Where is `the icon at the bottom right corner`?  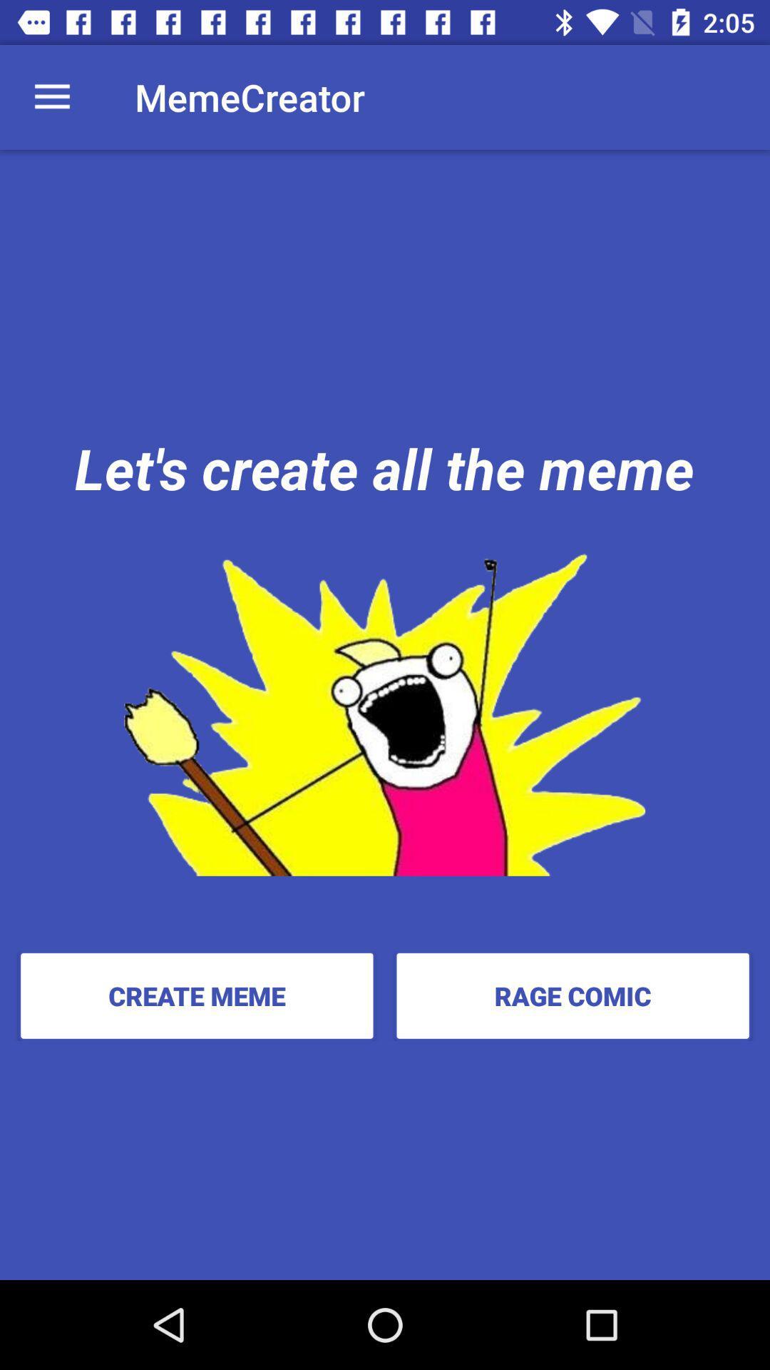 the icon at the bottom right corner is located at coordinates (572, 995).